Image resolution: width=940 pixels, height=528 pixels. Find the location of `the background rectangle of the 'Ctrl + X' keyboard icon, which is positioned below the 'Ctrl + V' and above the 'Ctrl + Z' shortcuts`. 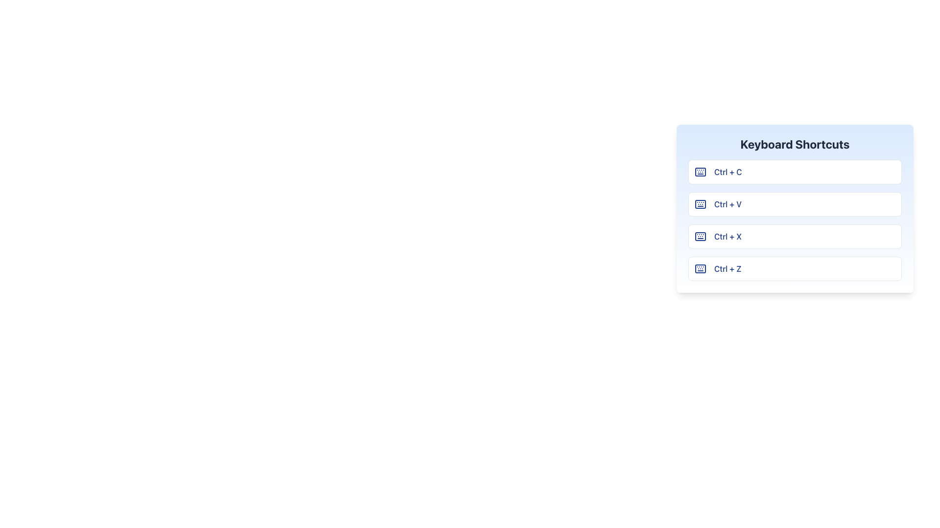

the background rectangle of the 'Ctrl + X' keyboard icon, which is positioned below the 'Ctrl + V' and above the 'Ctrl + Z' shortcuts is located at coordinates (700, 236).